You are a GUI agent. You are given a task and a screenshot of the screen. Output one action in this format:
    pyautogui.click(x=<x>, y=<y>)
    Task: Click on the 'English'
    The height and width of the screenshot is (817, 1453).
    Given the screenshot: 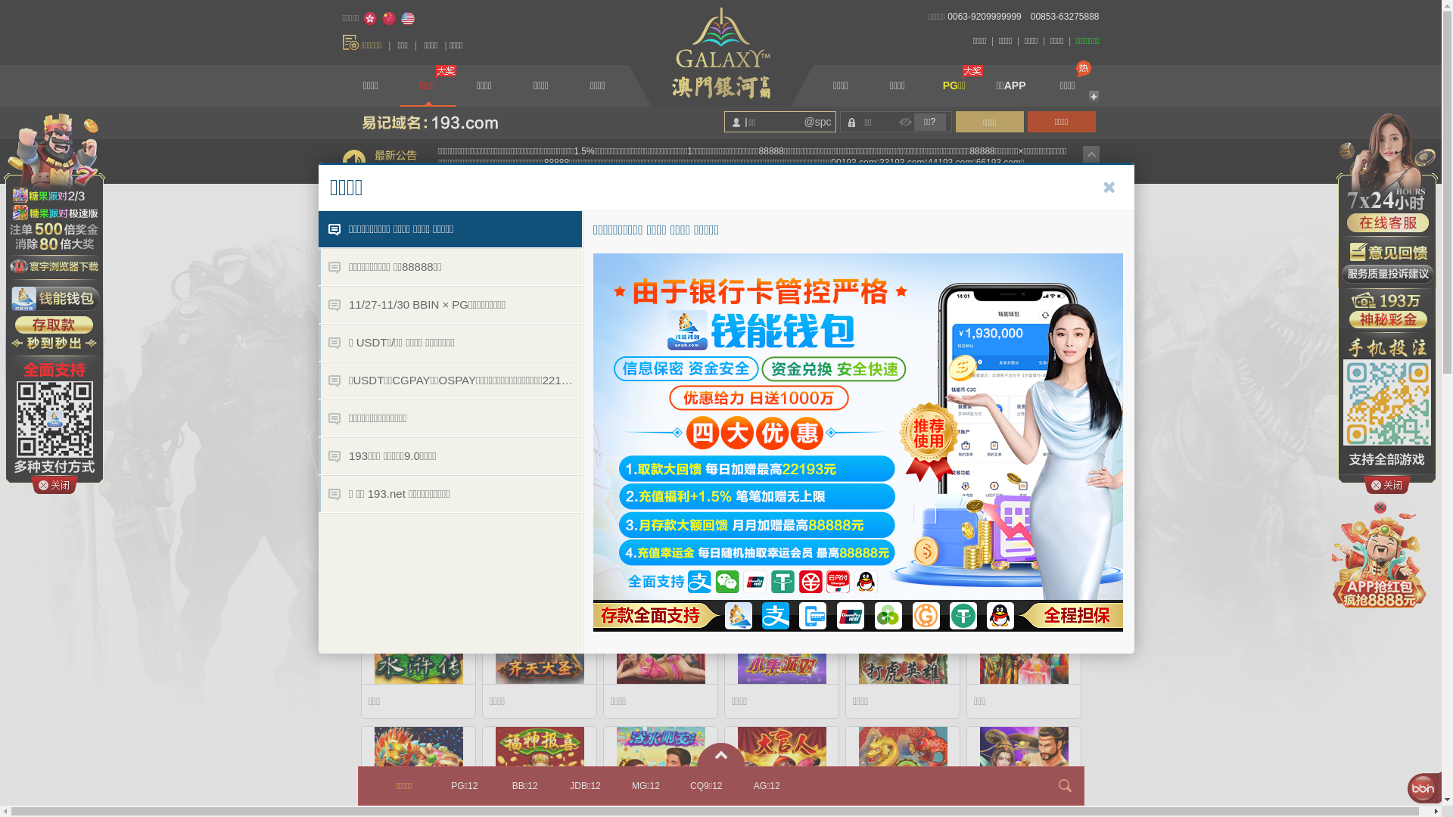 What is the action you would take?
    pyautogui.click(x=400, y=18)
    